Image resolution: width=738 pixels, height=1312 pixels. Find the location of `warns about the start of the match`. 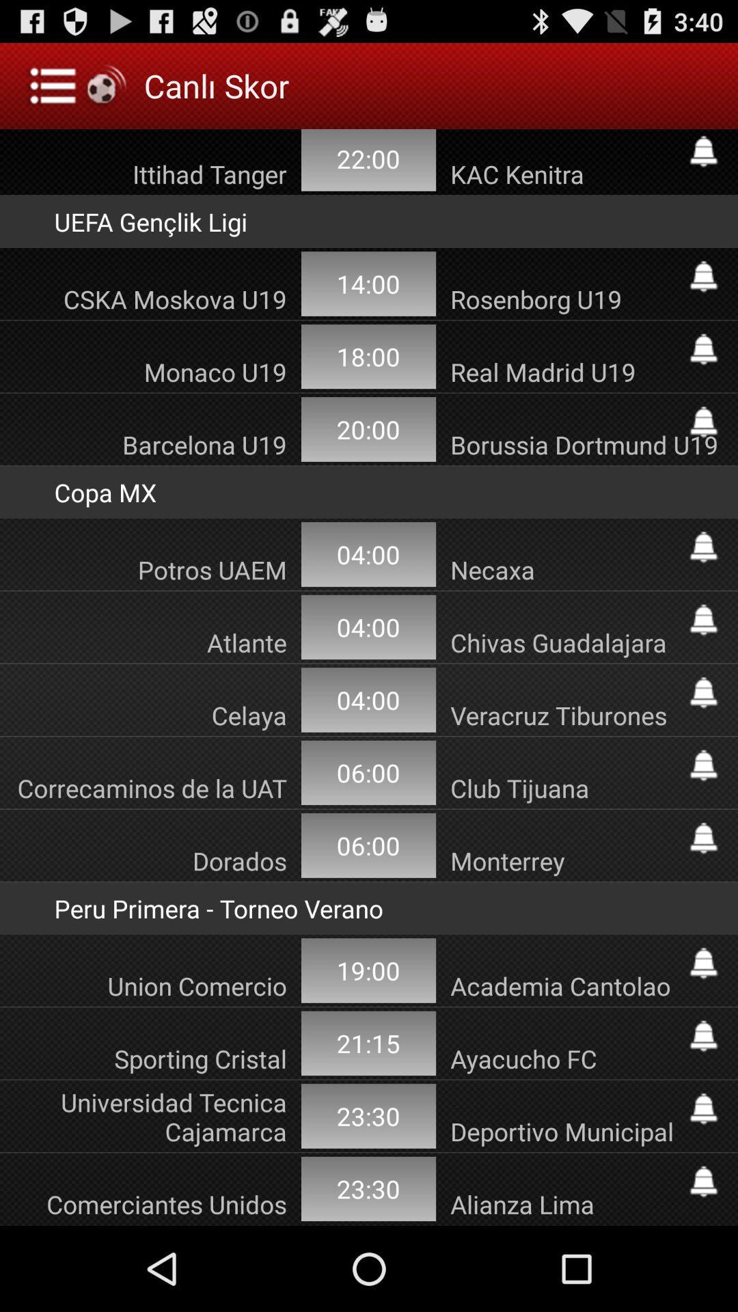

warns about the start of the match is located at coordinates (703, 547).